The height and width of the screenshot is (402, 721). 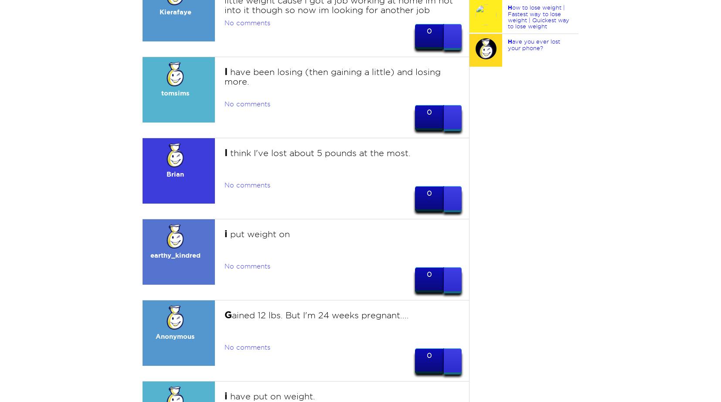 What do you see at coordinates (537, 17) in the screenshot?
I see `'ow to lose weight | Fastest way to lose weight | Quickest way to lose weight'` at bounding box center [537, 17].